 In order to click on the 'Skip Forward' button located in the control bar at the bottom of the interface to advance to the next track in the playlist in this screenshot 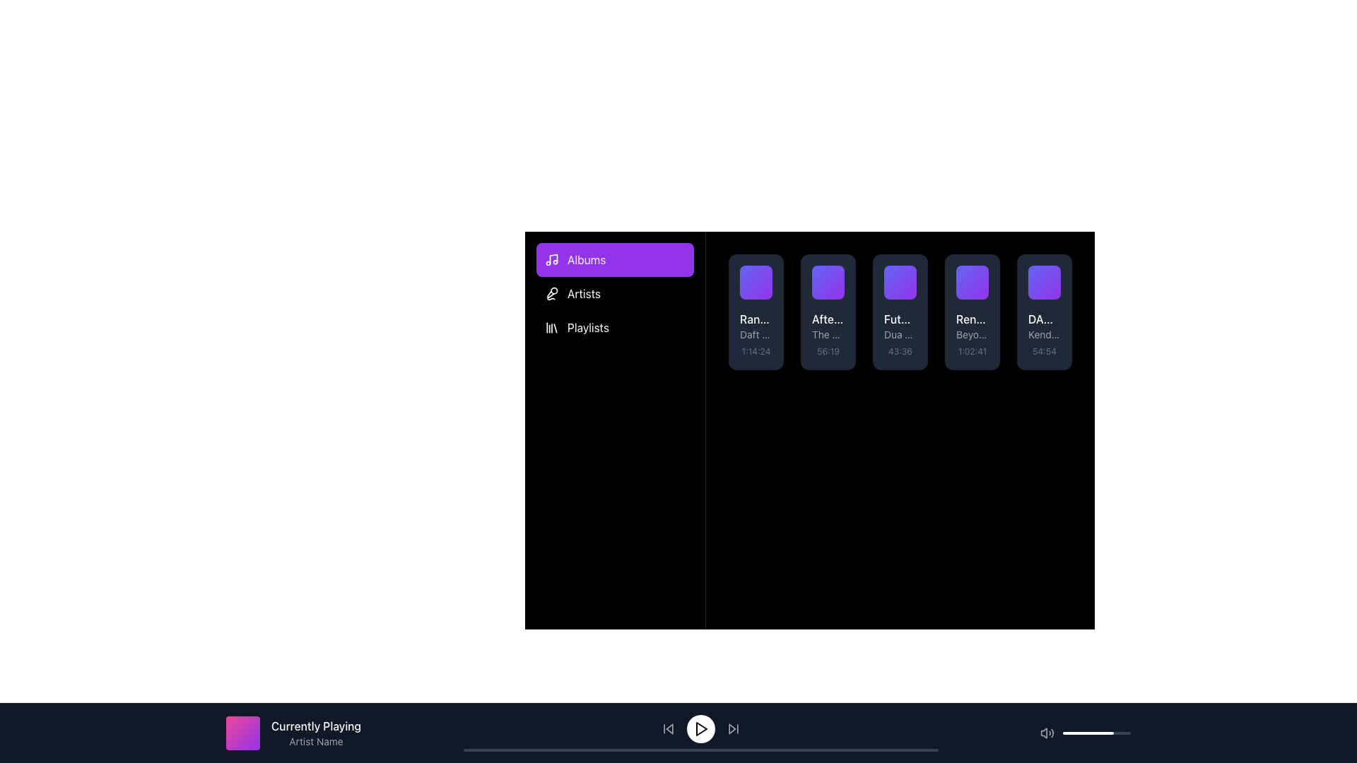, I will do `click(732, 729)`.